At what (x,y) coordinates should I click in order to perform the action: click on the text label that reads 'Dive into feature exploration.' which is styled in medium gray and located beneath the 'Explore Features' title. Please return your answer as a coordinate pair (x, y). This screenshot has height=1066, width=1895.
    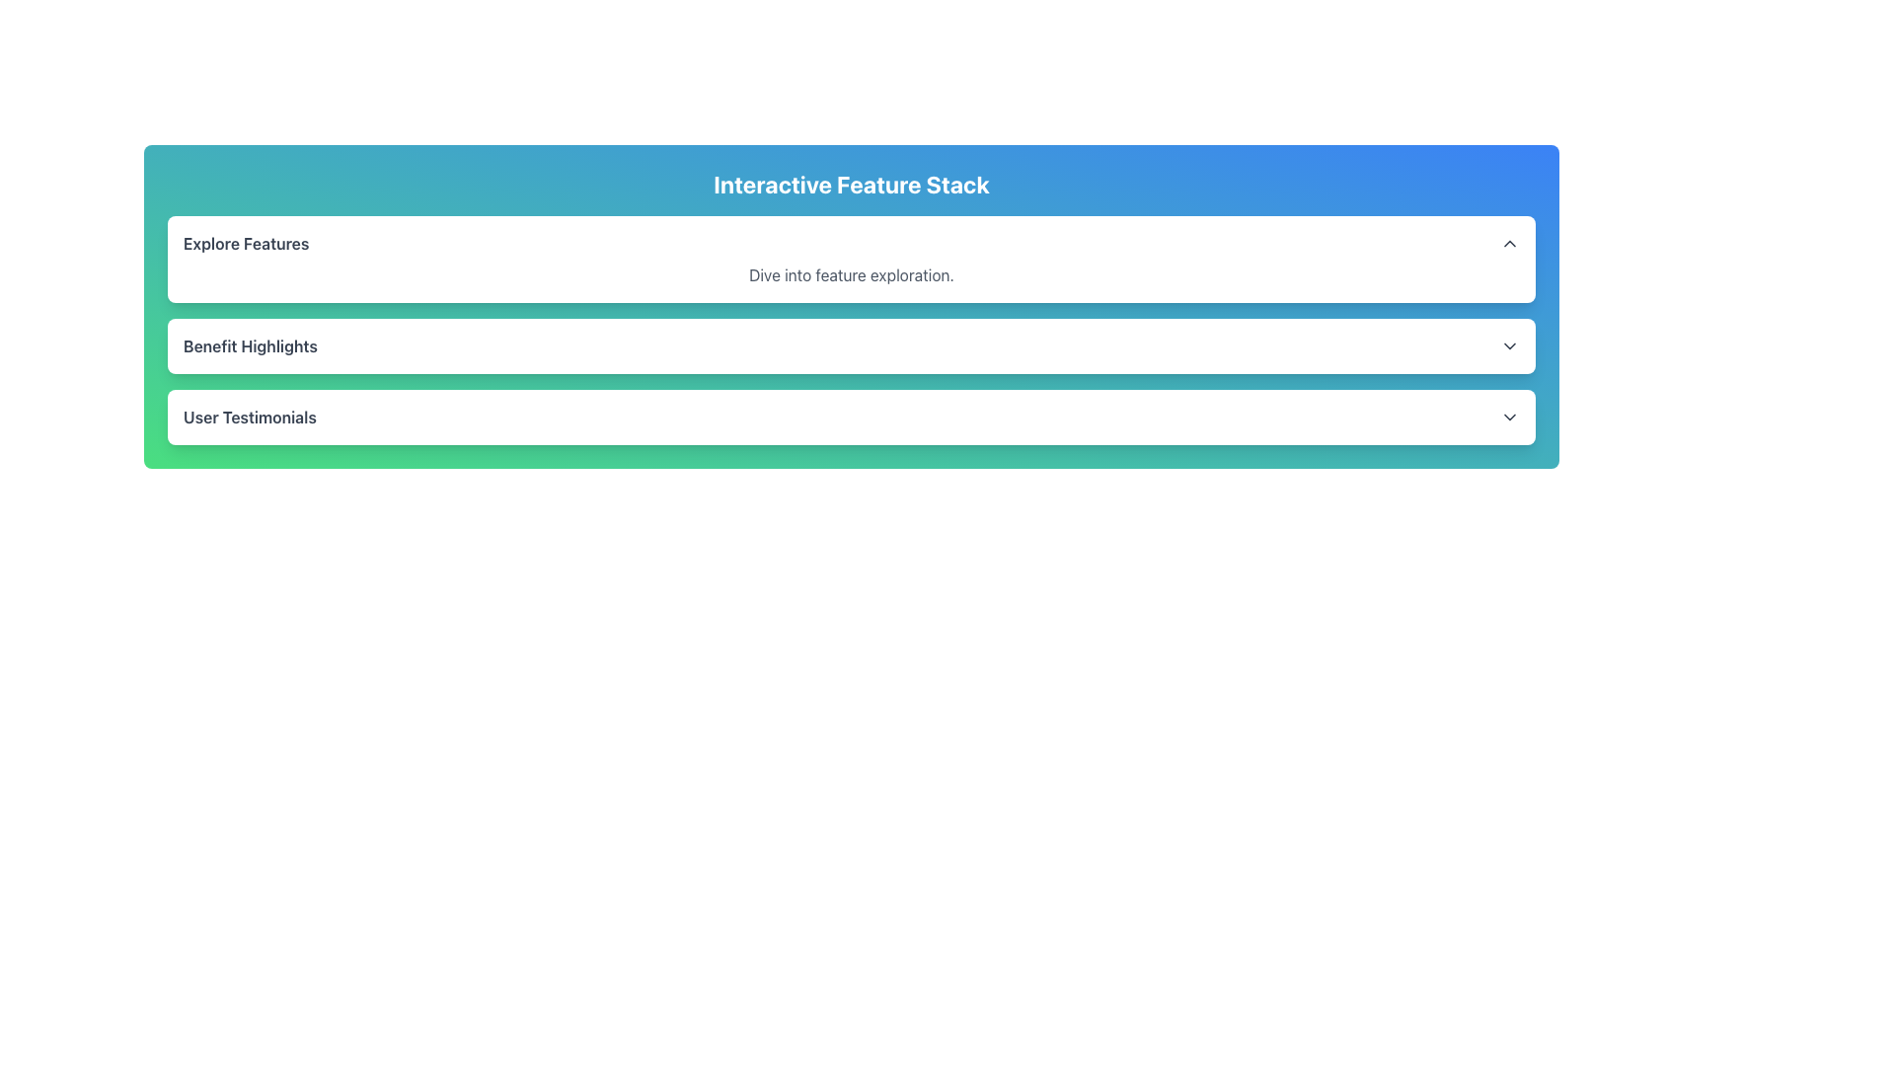
    Looking at the image, I should click on (852, 274).